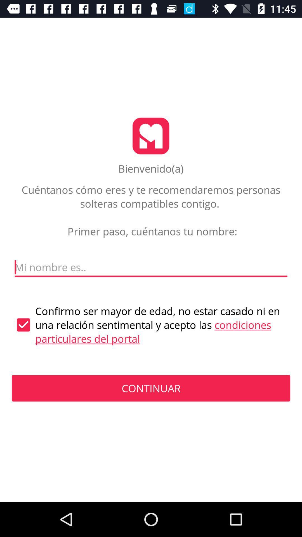 The height and width of the screenshot is (537, 302). Describe the element at coordinates (151, 388) in the screenshot. I see `the continuar` at that location.